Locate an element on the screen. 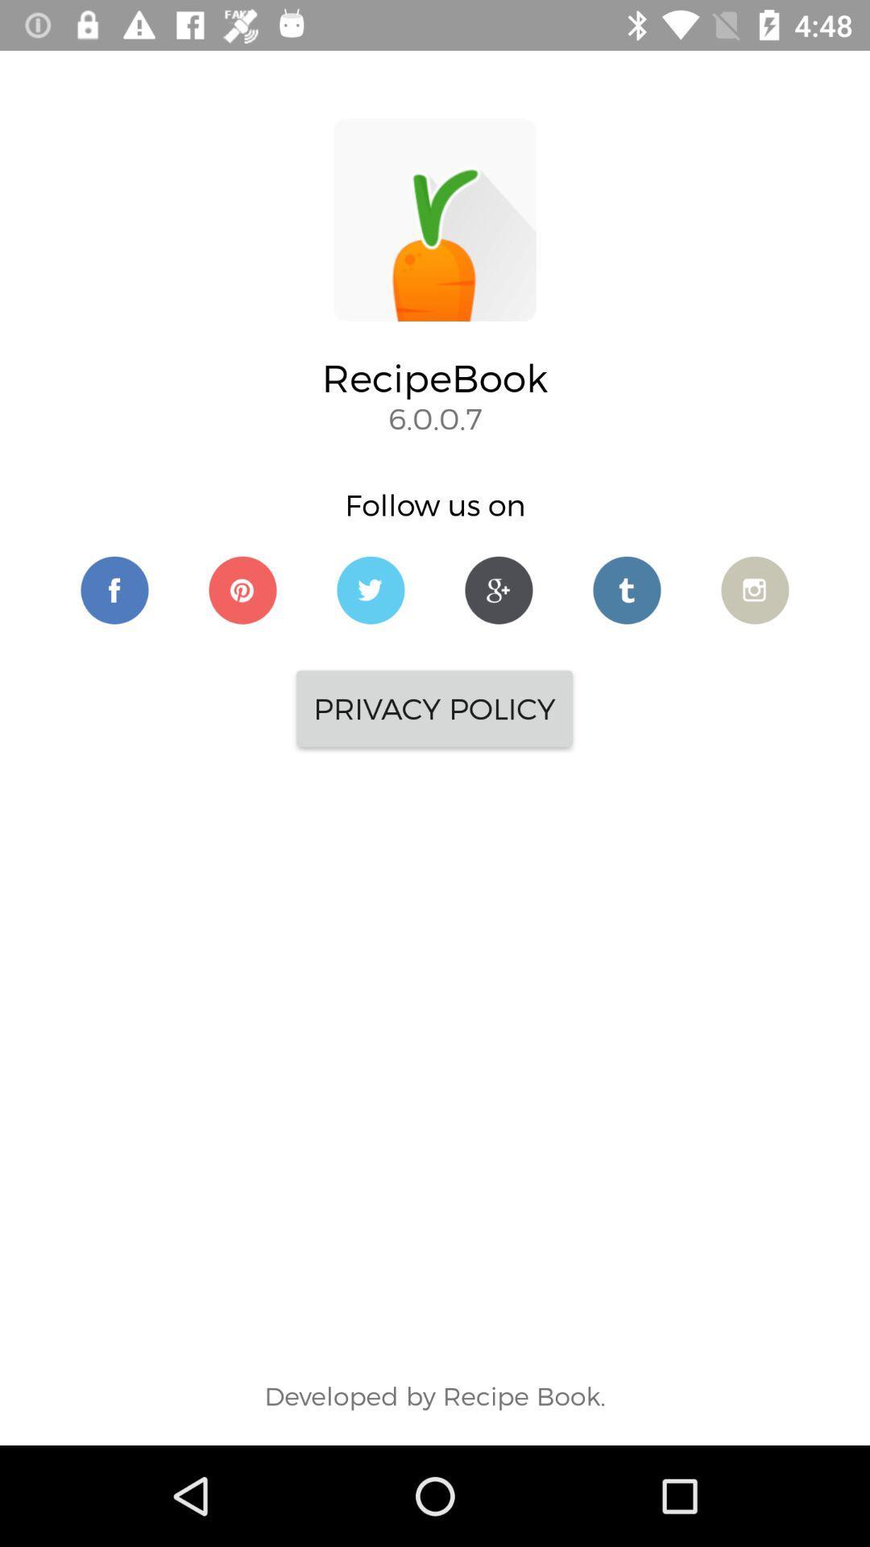 The height and width of the screenshot is (1547, 870). open camera is located at coordinates (755, 589).